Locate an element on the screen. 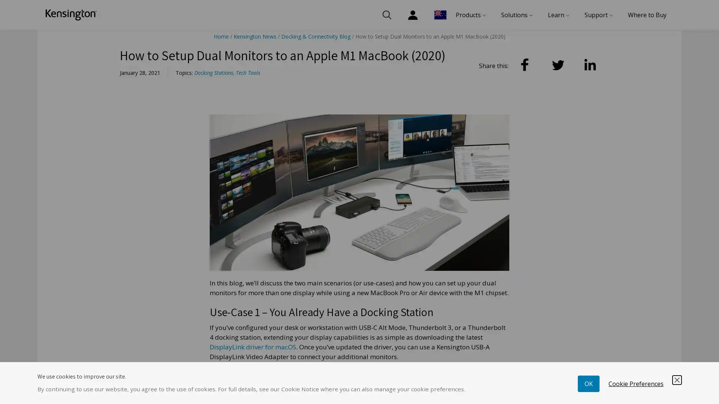 Image resolution: width=719 pixels, height=404 pixels. Cookie Preferences is located at coordinates (635, 384).